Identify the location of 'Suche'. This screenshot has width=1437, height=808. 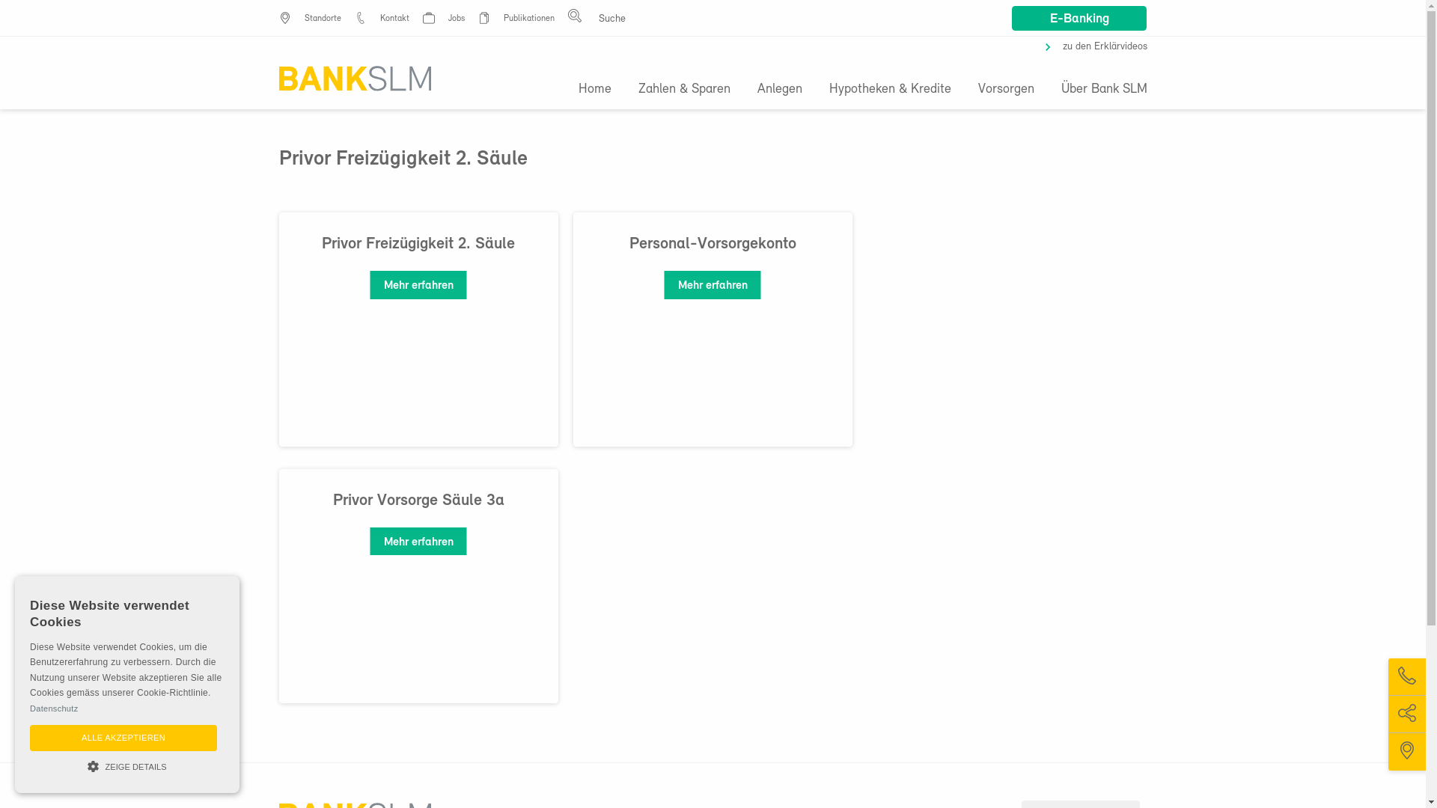
(951, 110).